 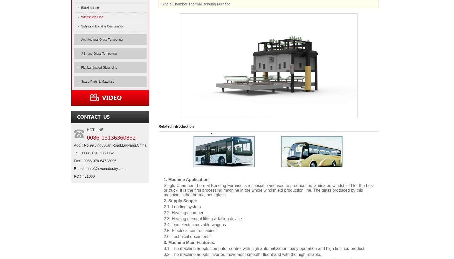 What do you see at coordinates (90, 8) in the screenshot?
I see `'Backlite Line'` at bounding box center [90, 8].